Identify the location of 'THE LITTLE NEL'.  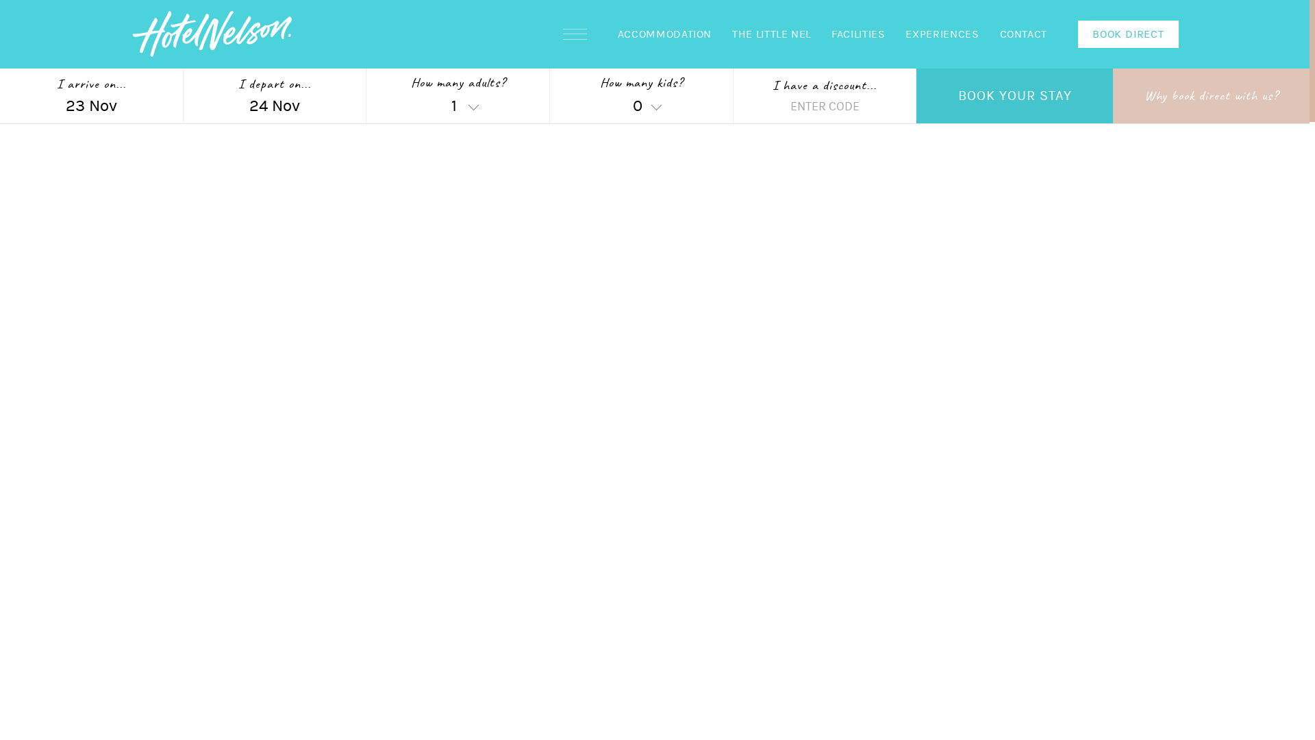
(721, 34).